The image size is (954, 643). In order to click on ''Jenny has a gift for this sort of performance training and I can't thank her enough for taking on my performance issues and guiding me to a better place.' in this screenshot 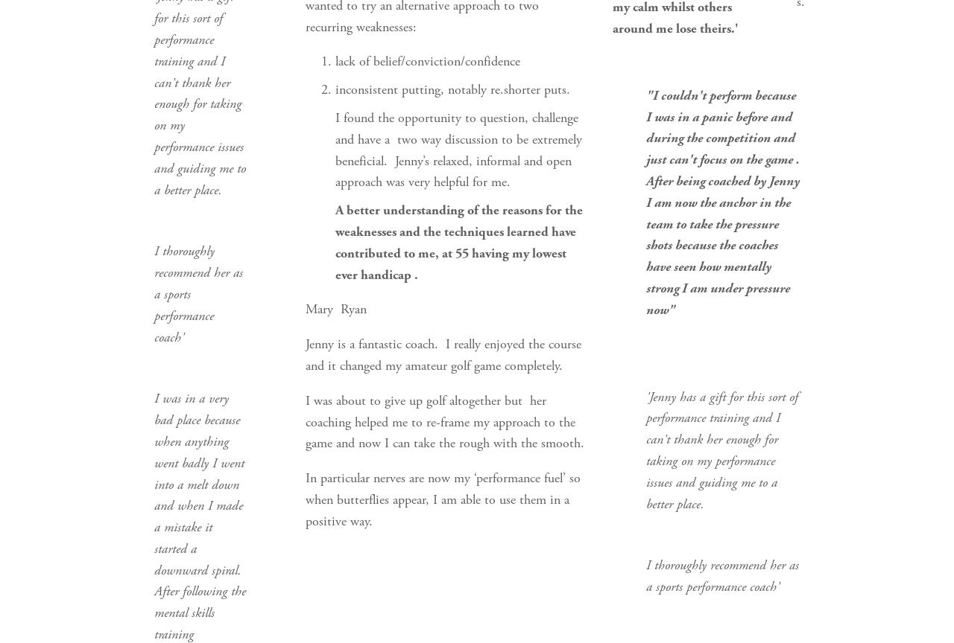, I will do `click(724, 449)`.